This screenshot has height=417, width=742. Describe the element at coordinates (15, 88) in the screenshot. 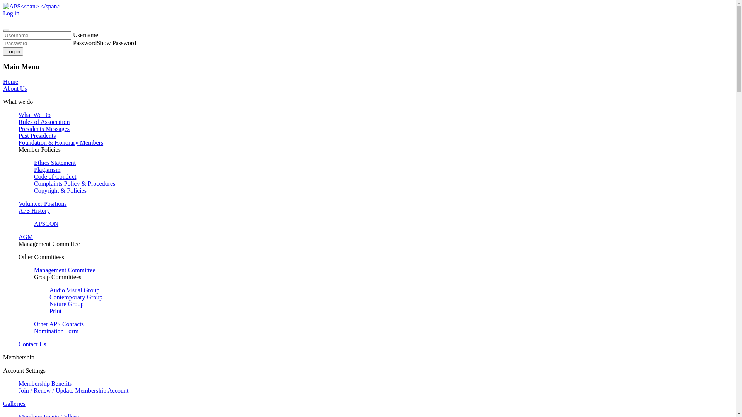

I see `'About Us'` at that location.